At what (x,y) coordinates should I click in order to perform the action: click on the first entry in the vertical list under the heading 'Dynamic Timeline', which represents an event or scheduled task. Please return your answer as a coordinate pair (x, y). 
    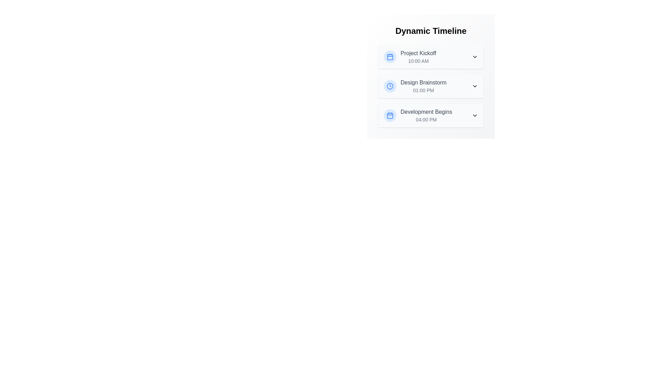
    Looking at the image, I should click on (430, 56).